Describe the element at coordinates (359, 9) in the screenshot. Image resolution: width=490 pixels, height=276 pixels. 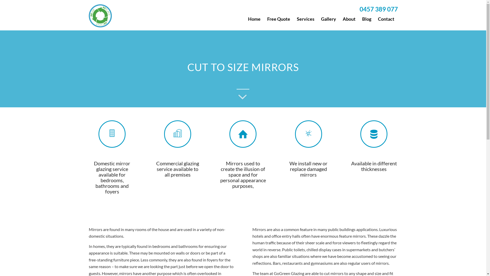
I see `'0457 389 077'` at that location.